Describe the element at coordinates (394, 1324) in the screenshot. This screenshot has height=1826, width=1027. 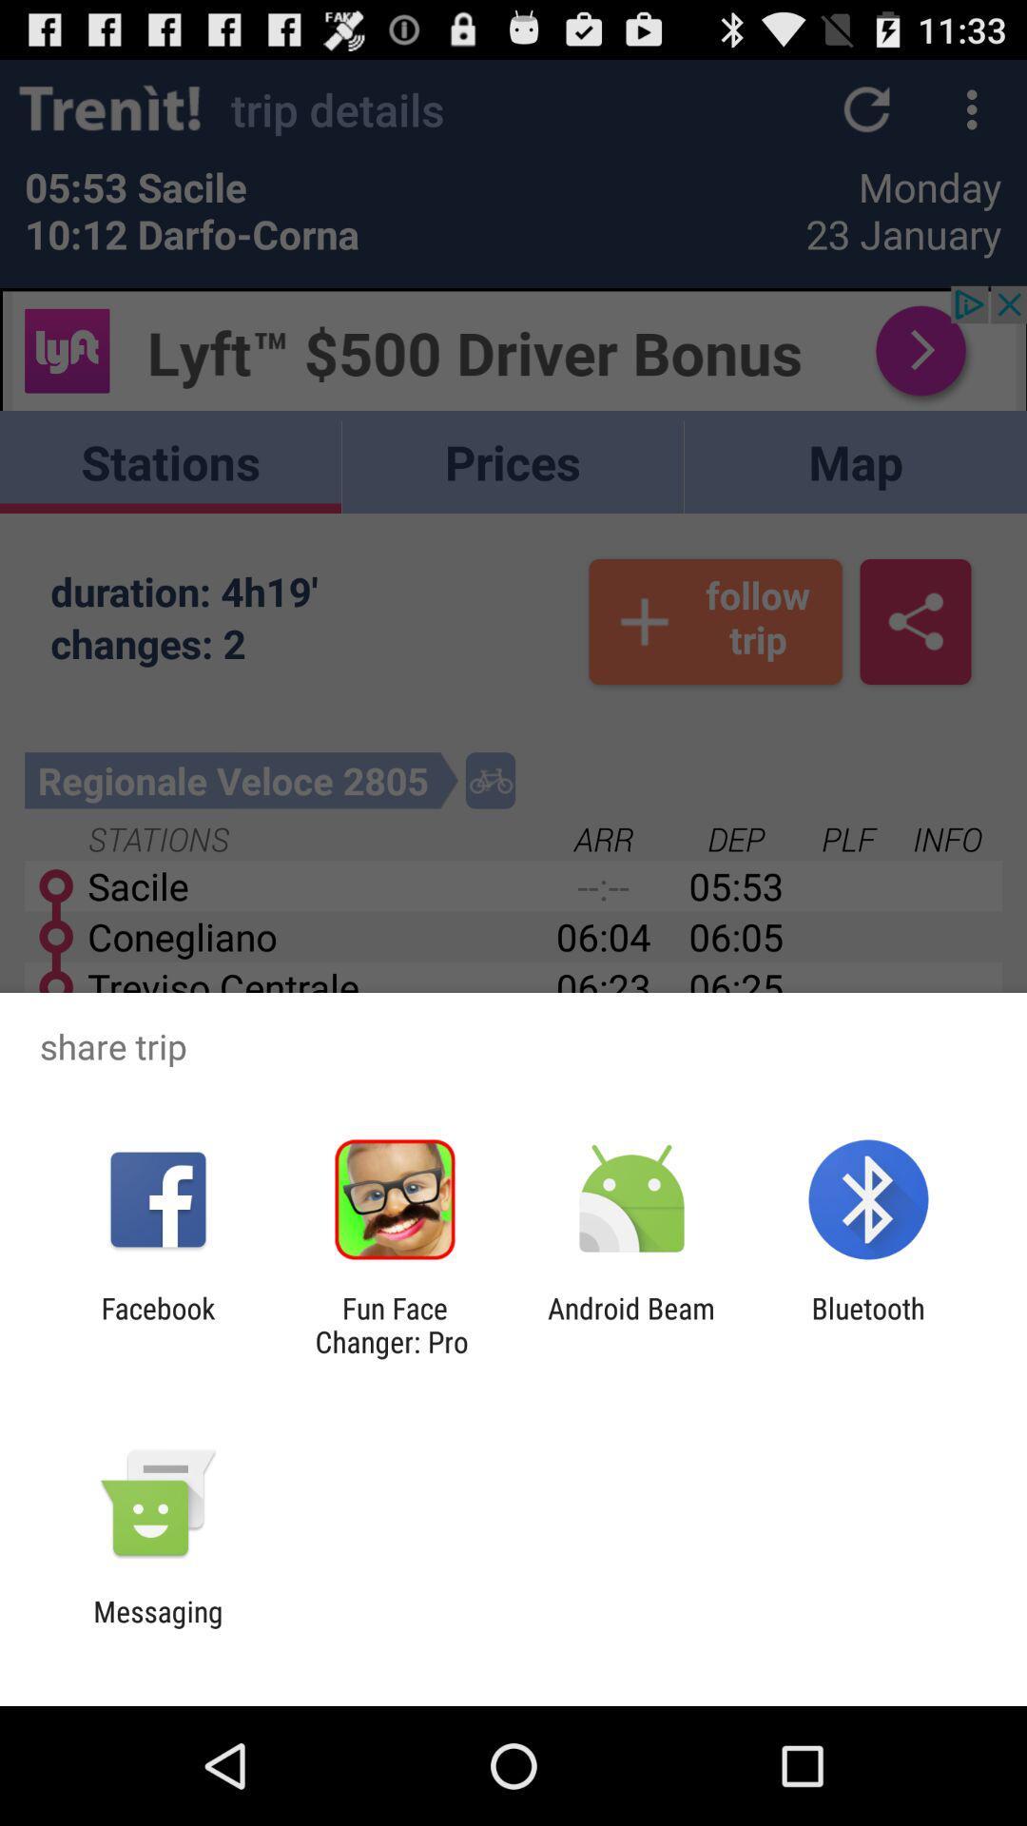
I see `the fun face changer` at that location.